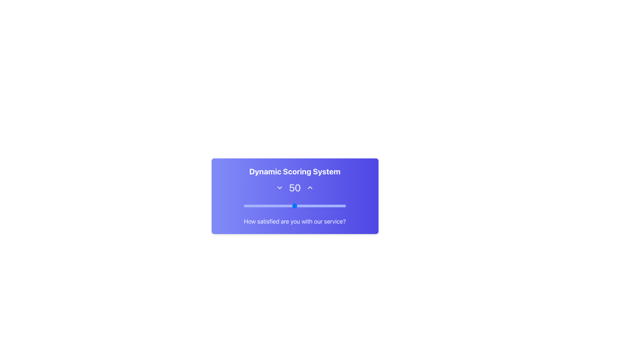 The image size is (626, 352). I want to click on the score indicator label that displays the current score or level of satisfaction, located in the scoring widget, centered between the upward and downward arrow buttons, so click(294, 187).